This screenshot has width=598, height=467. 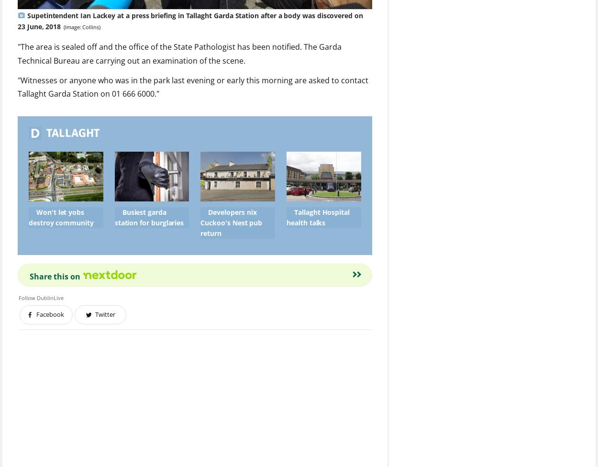 What do you see at coordinates (82, 26) in the screenshot?
I see `'(Image: Collins)'` at bounding box center [82, 26].